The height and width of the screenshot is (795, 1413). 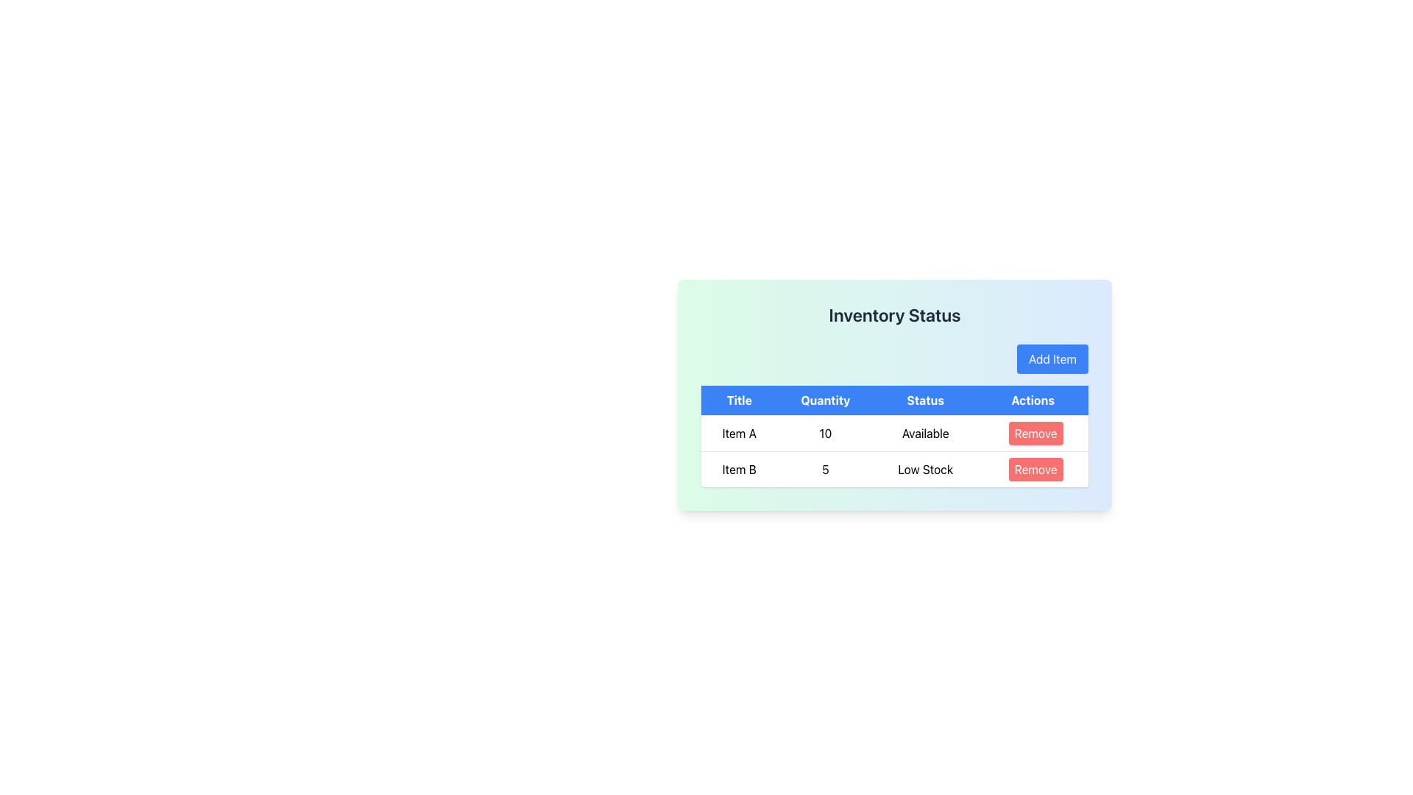 What do you see at coordinates (739, 469) in the screenshot?
I see `the non-interactive text label displaying the title of the second inventory item in the table under the 'Title' column` at bounding box center [739, 469].